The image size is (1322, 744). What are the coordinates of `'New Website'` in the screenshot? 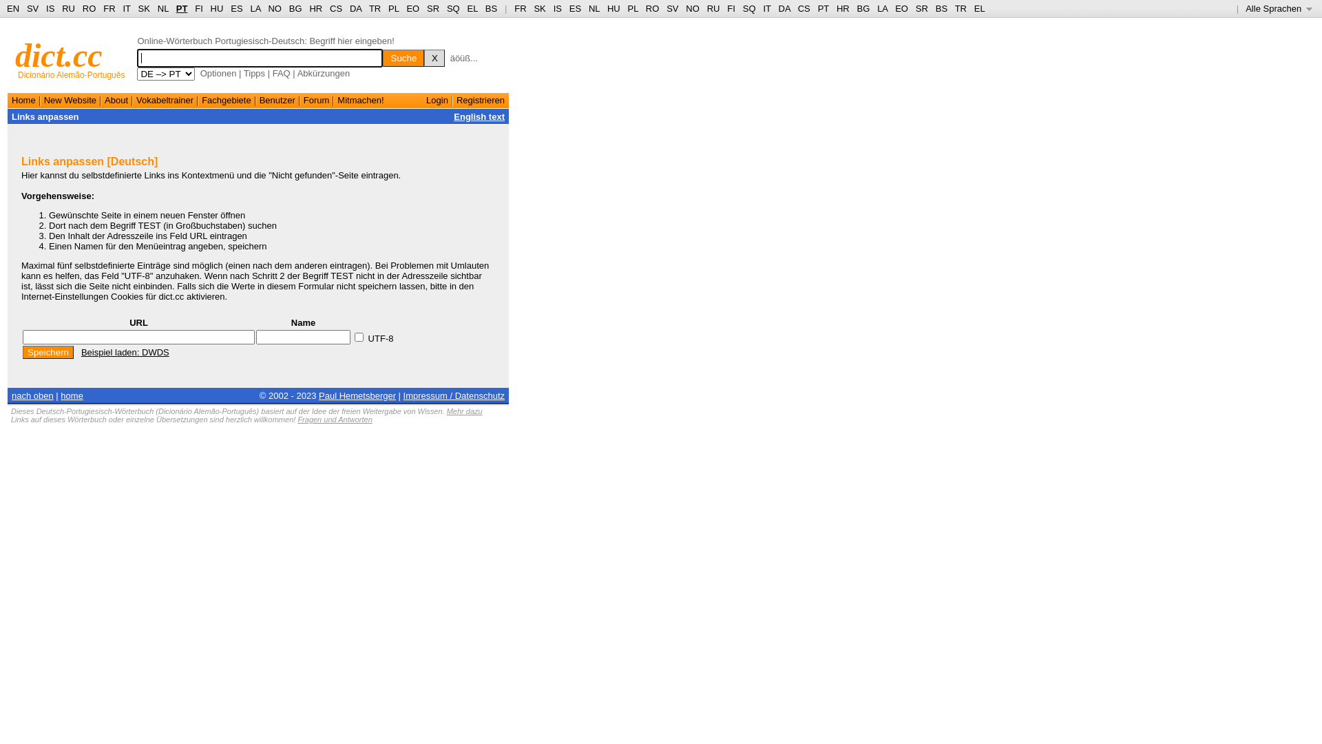 It's located at (69, 99).